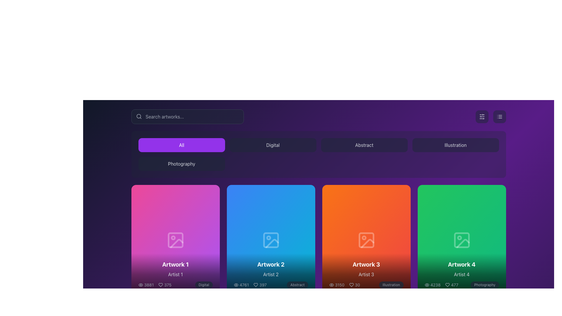 Image resolution: width=562 pixels, height=316 pixels. I want to click on the associated artist, so click(270, 274).